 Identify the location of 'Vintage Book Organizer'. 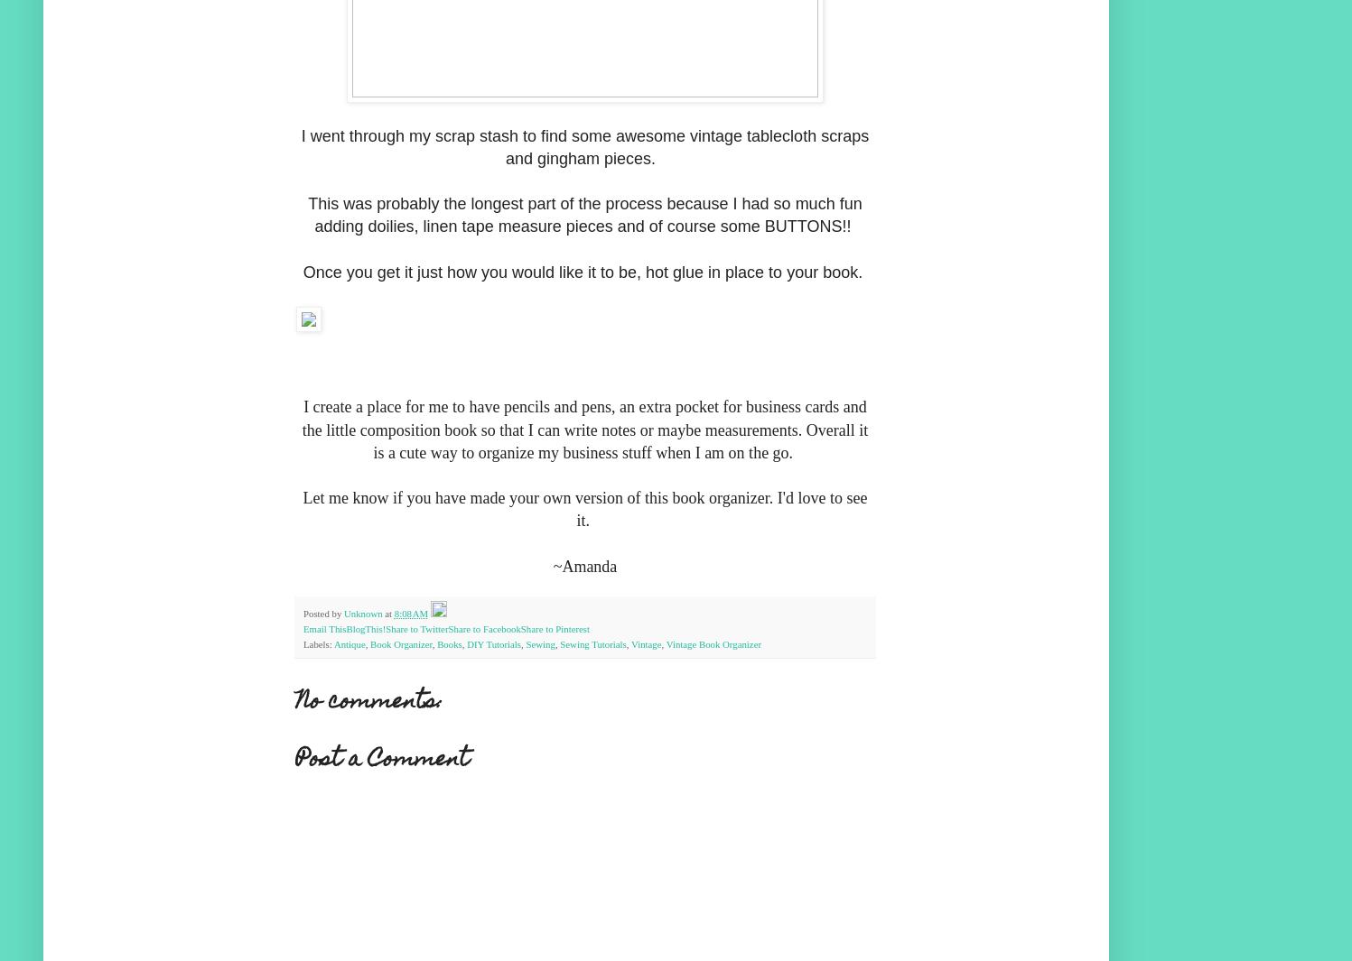
(713, 643).